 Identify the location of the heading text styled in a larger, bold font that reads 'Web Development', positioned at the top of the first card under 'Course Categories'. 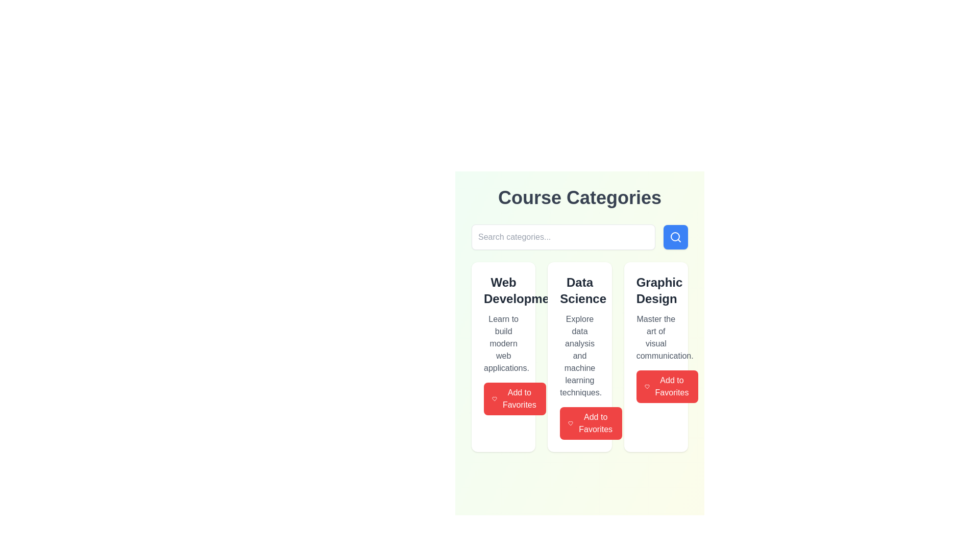
(503, 291).